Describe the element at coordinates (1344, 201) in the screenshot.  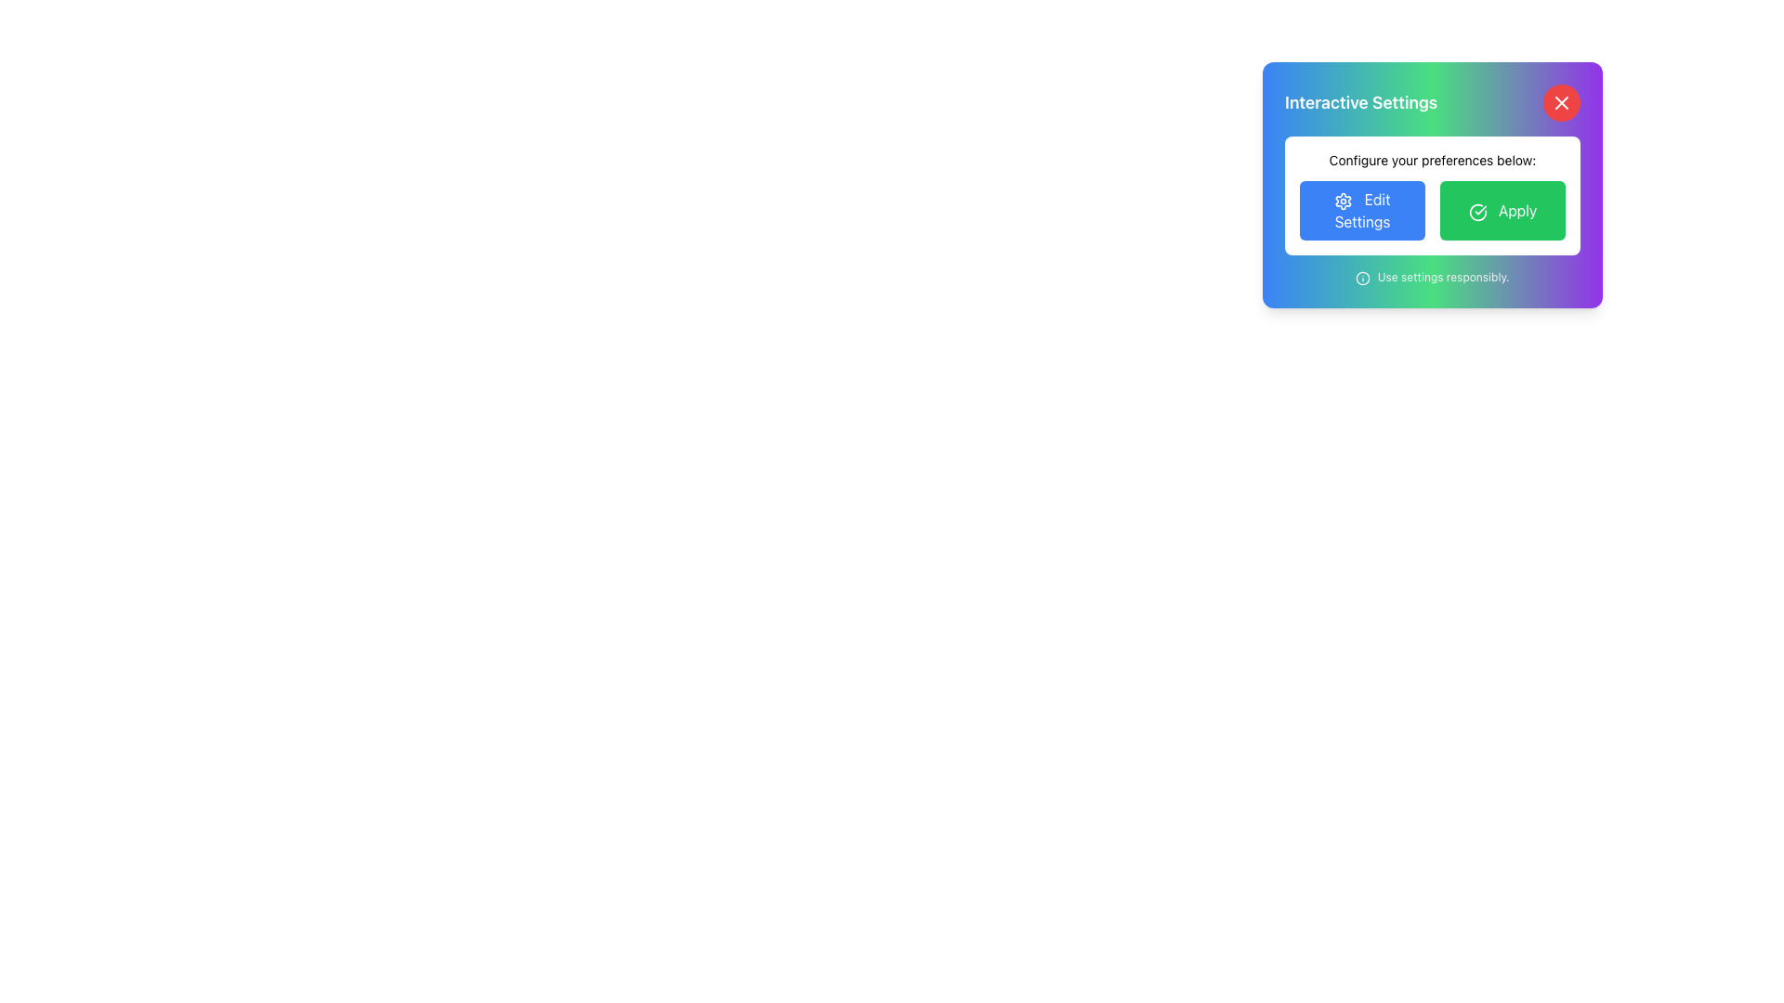
I see `the gear icon within the 'Edit Settings' button, which is located in the center of the dialog box, next to the 'Apply' button` at that location.